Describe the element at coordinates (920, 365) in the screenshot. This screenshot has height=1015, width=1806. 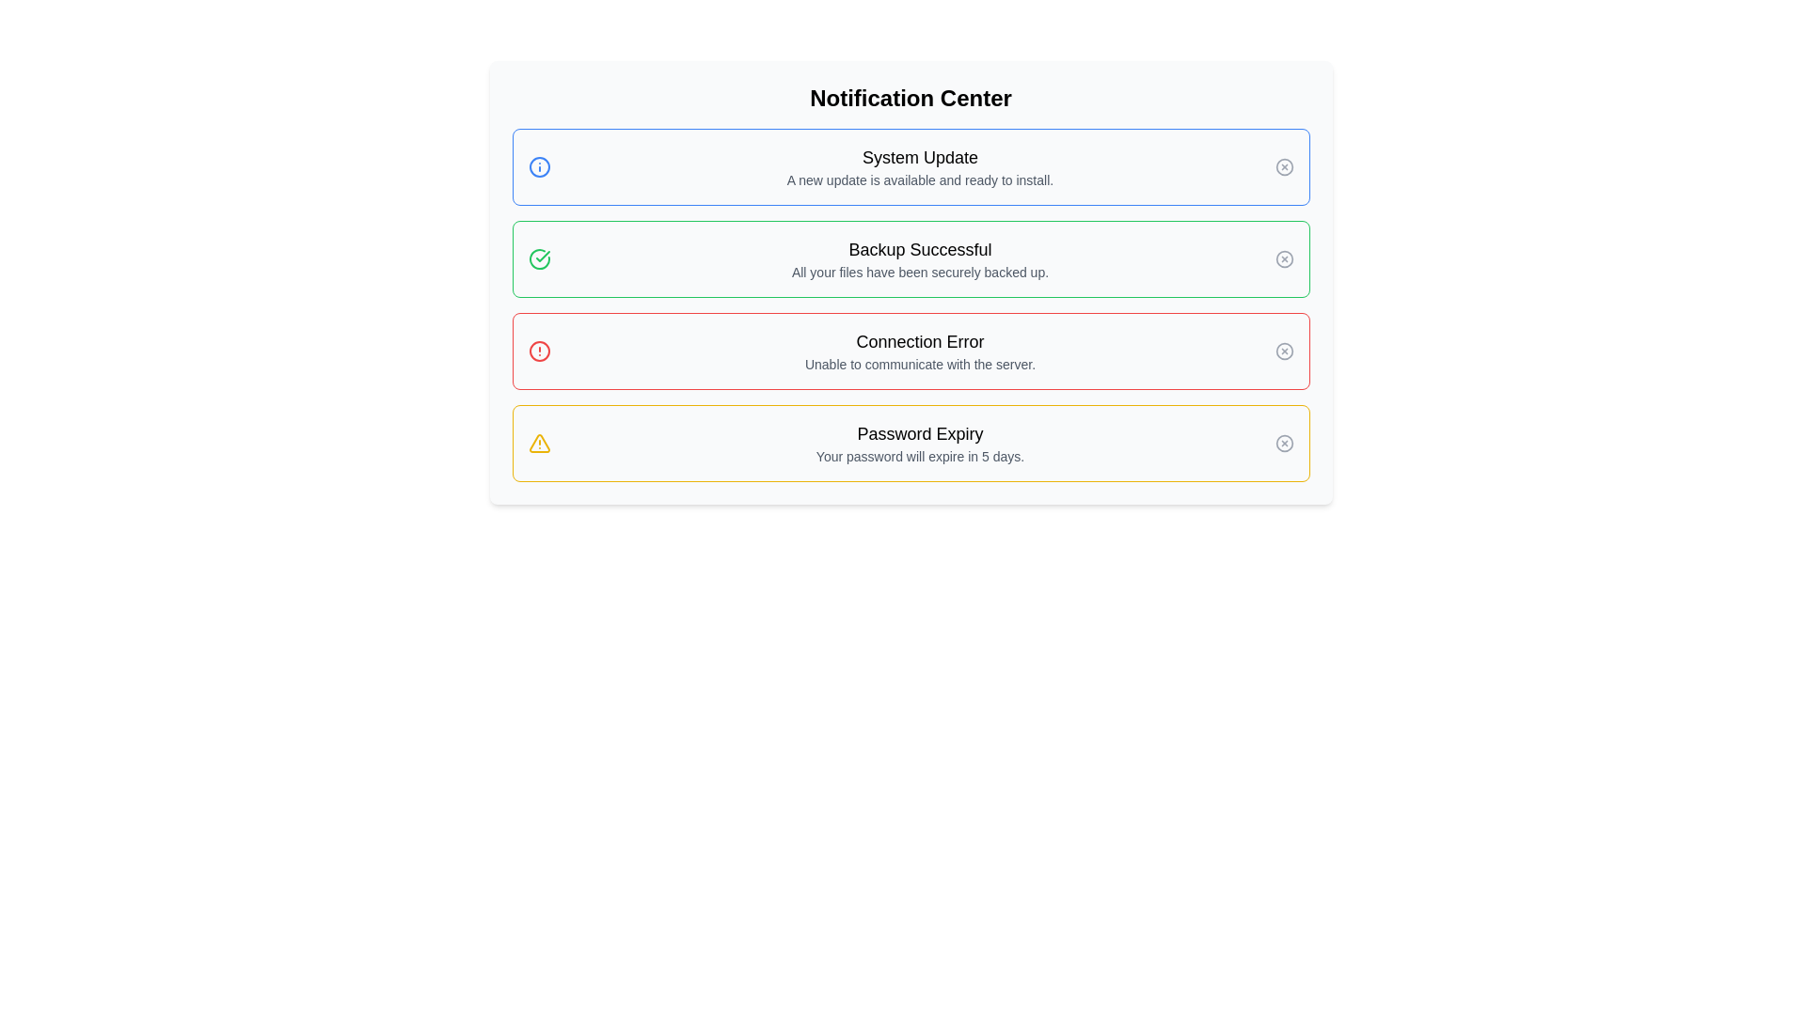
I see `the text label that displays 'Unable to communicate with the server.' located in the notification panel under 'Connection Error.'` at that location.